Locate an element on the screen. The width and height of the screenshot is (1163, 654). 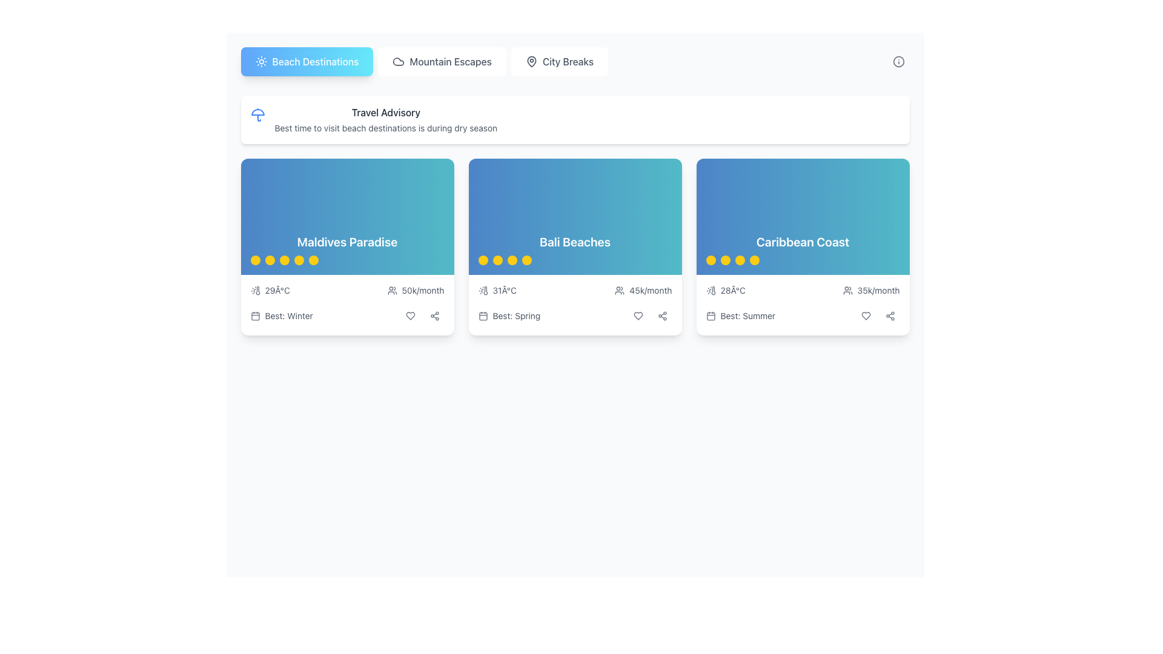
the small circular button with an information icon in the top-right corner is located at coordinates (898, 61).